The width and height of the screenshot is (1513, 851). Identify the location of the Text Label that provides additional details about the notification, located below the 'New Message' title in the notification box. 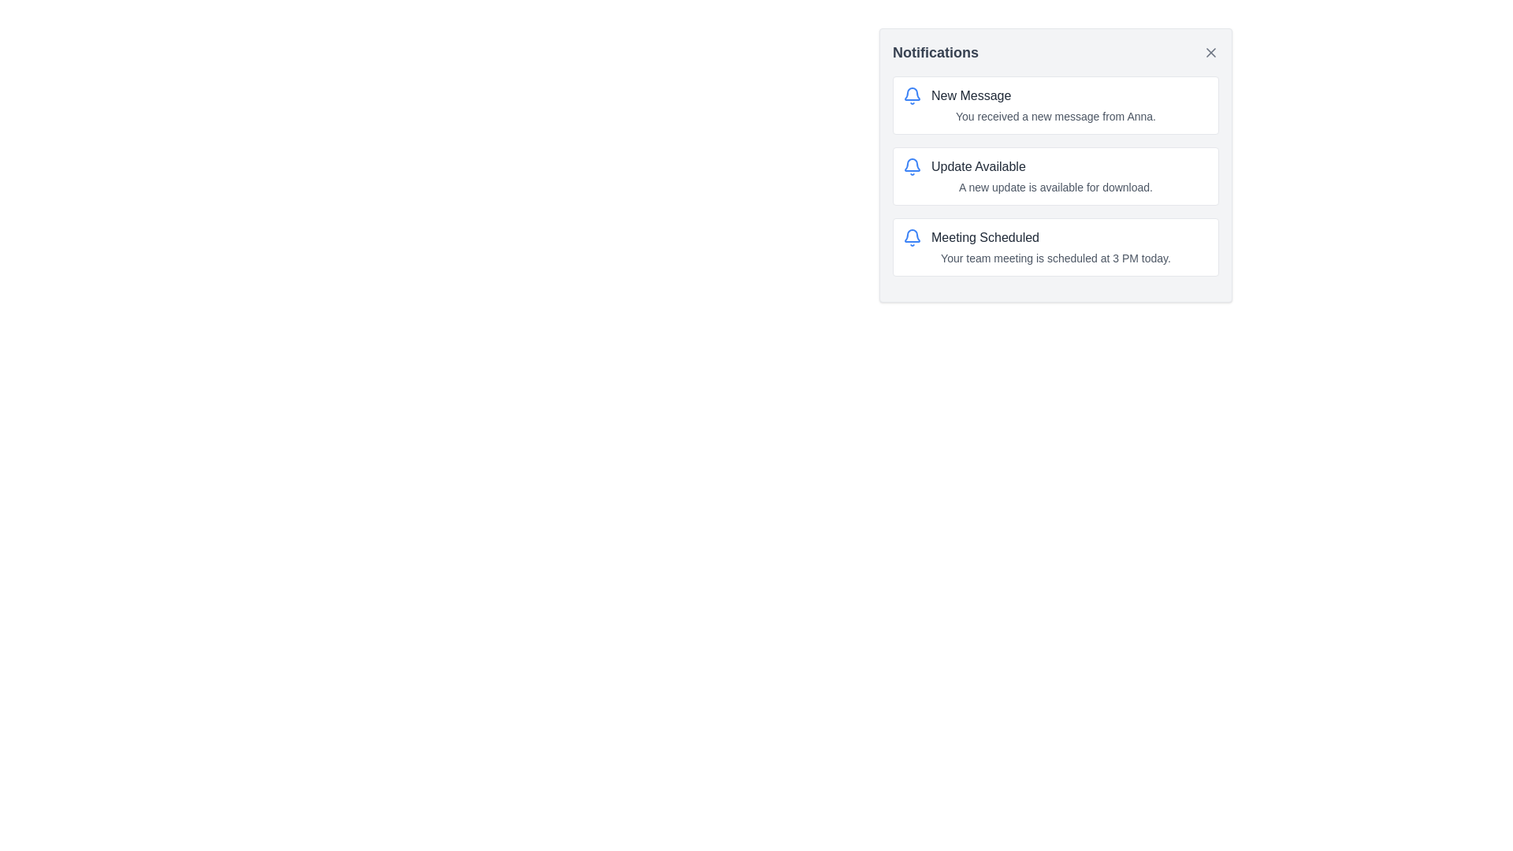
(1055, 115).